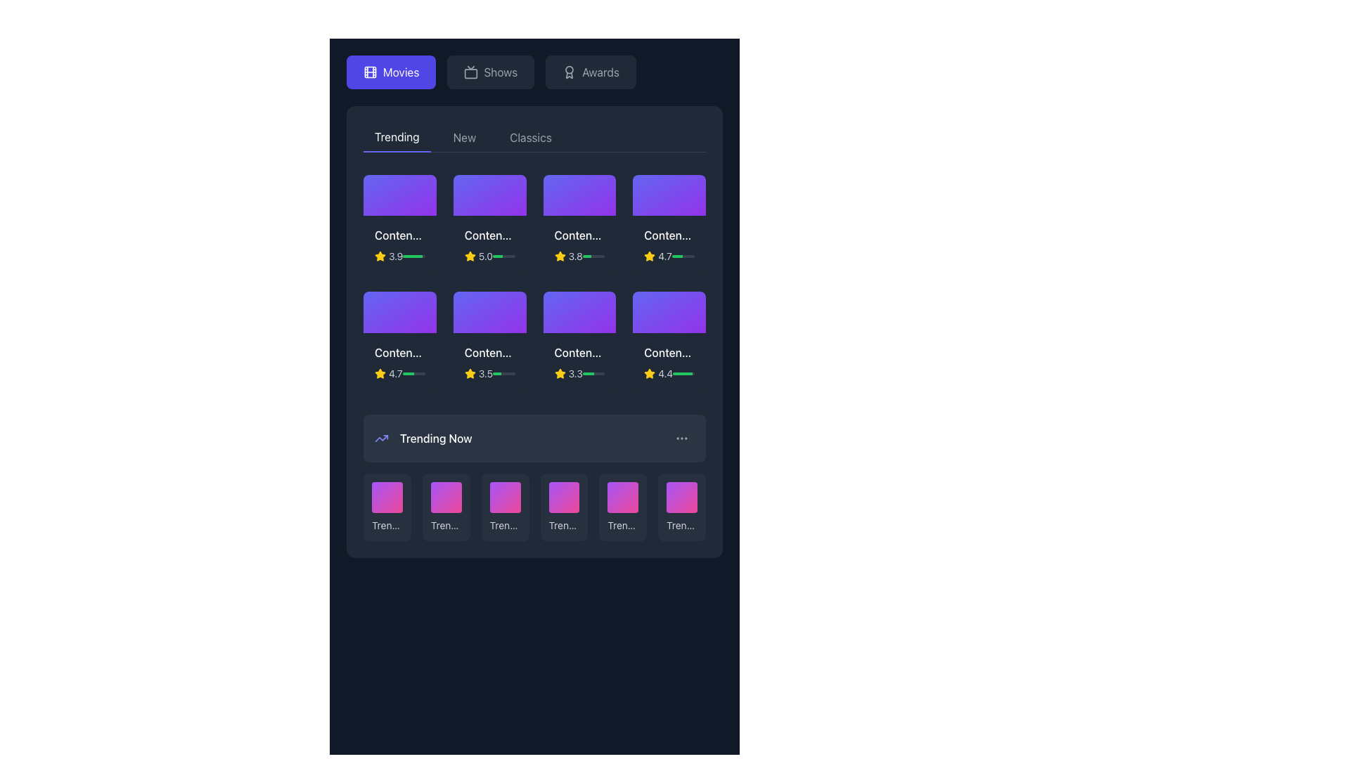 Image resolution: width=1350 pixels, height=759 pixels. I want to click on the grid component displaying trending items located at the bottom of the interface using keyboard navigation, so click(534, 507).